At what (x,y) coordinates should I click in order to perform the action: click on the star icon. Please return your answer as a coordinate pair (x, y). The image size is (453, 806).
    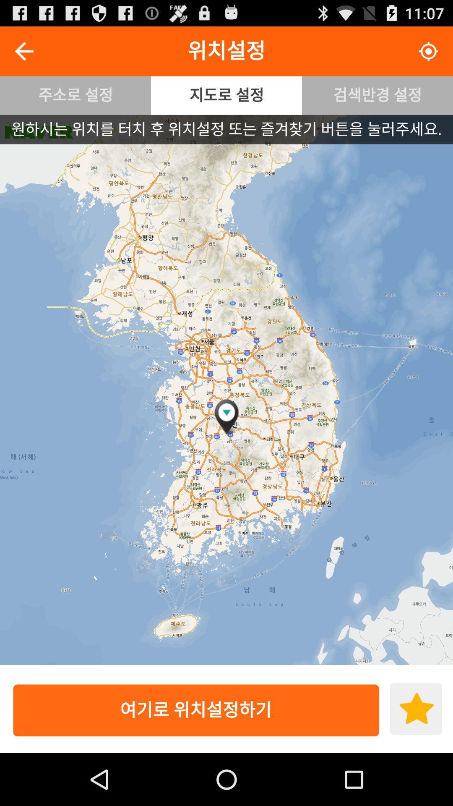
    Looking at the image, I should click on (416, 759).